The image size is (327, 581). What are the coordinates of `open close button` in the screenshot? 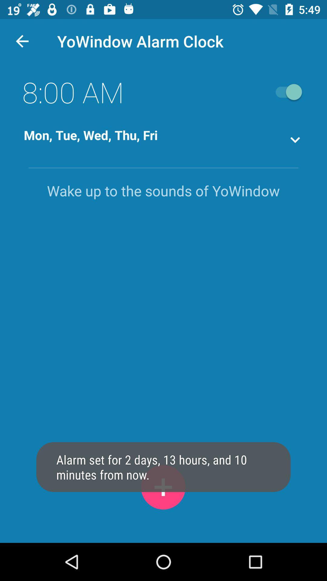 It's located at (286, 92).